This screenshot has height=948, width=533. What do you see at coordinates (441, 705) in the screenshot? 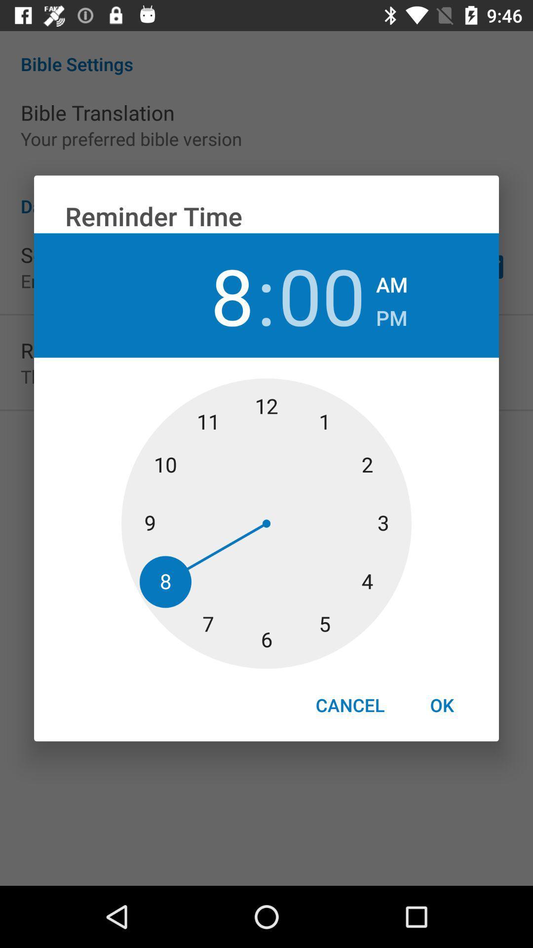
I see `the item next to the cancel item` at bounding box center [441, 705].